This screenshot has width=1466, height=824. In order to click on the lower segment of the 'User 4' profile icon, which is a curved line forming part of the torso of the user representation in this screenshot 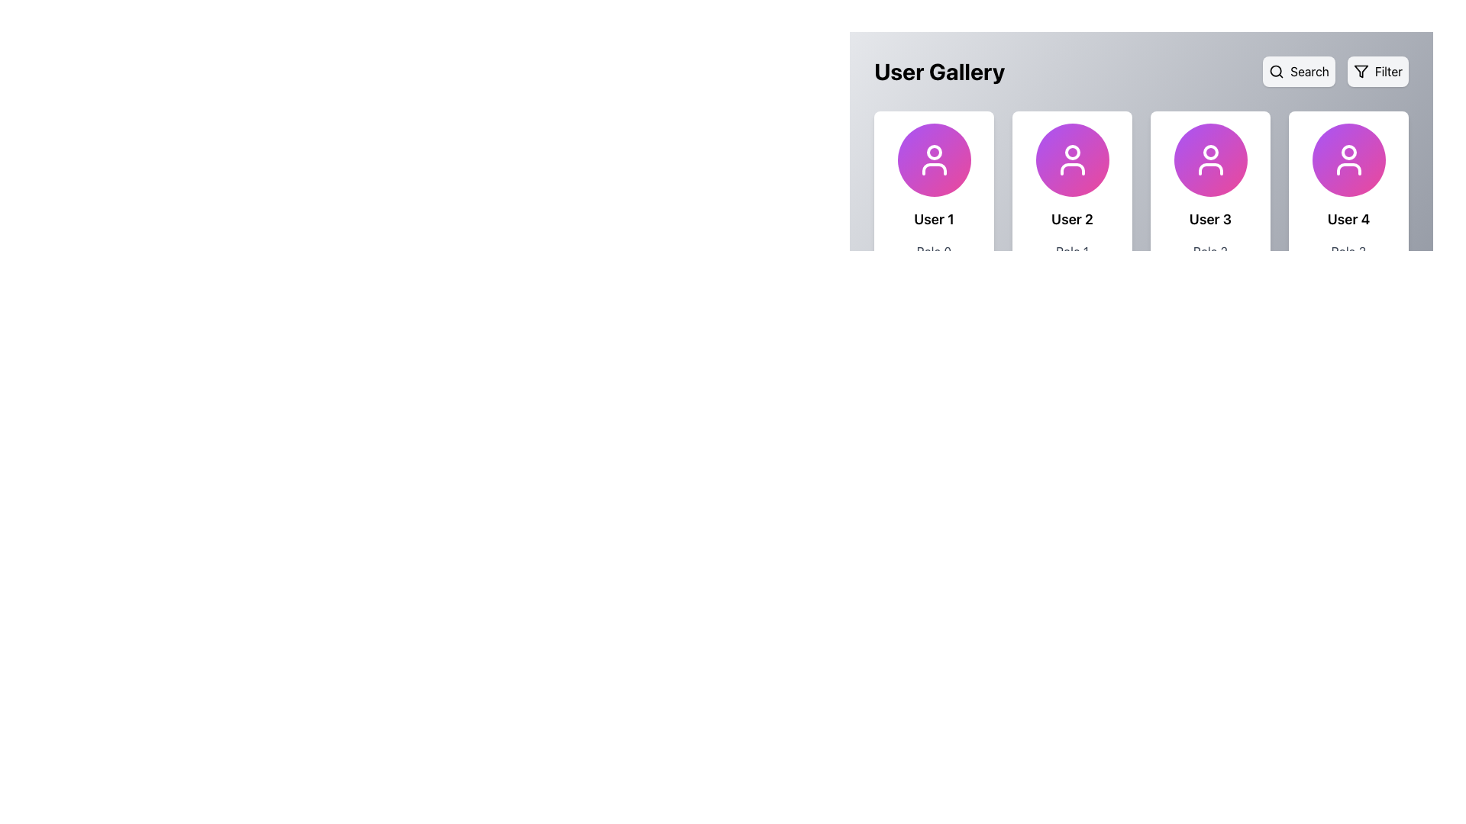, I will do `click(1348, 169)`.